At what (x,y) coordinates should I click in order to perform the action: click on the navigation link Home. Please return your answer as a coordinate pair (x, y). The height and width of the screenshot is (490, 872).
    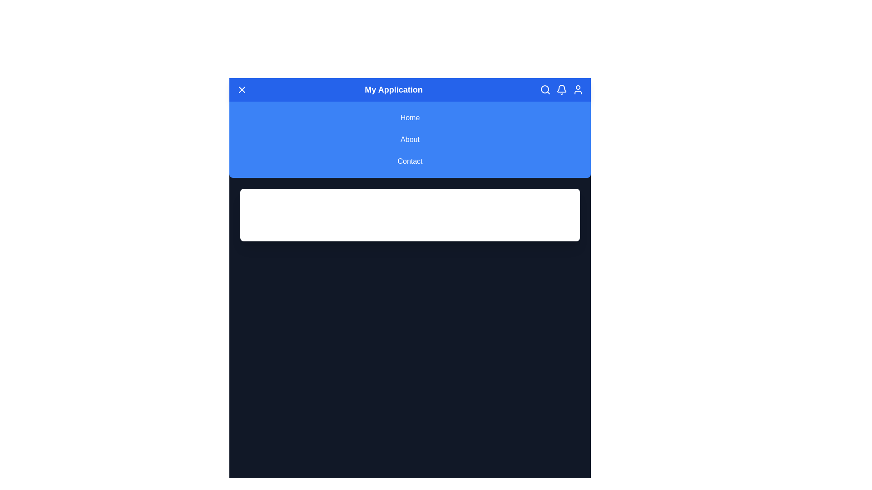
    Looking at the image, I should click on (409, 117).